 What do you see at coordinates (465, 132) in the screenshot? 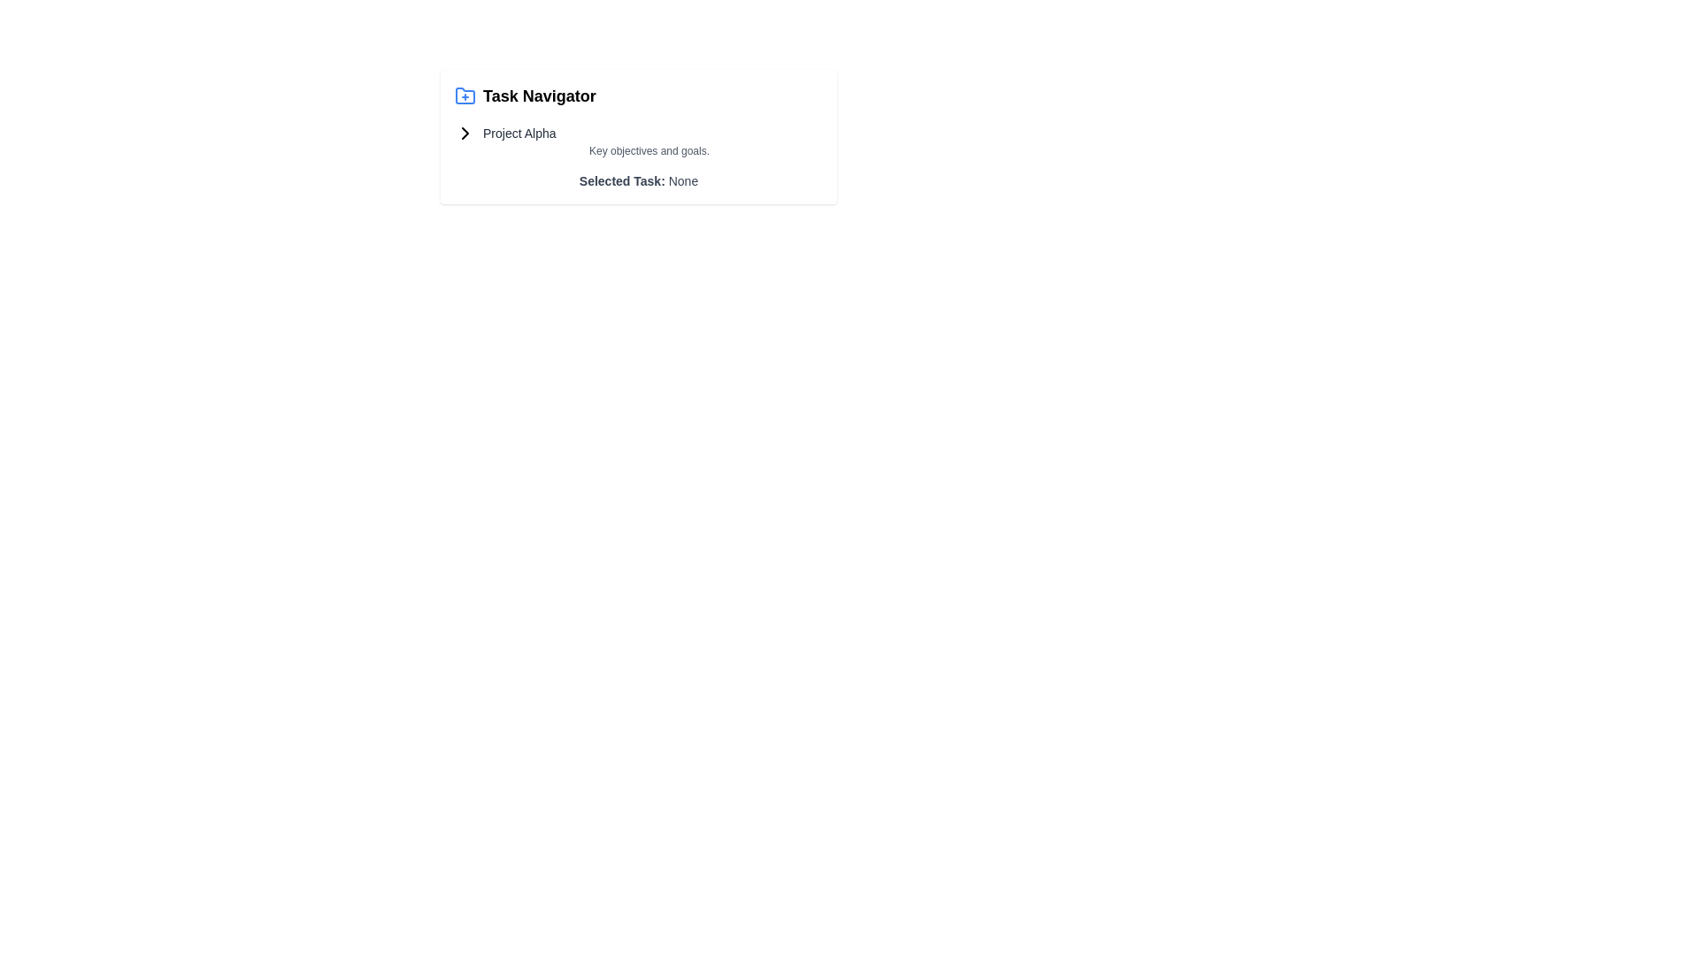
I see `the right-facing chevron icon located to the left of the 'Project Alpha' text label` at bounding box center [465, 132].